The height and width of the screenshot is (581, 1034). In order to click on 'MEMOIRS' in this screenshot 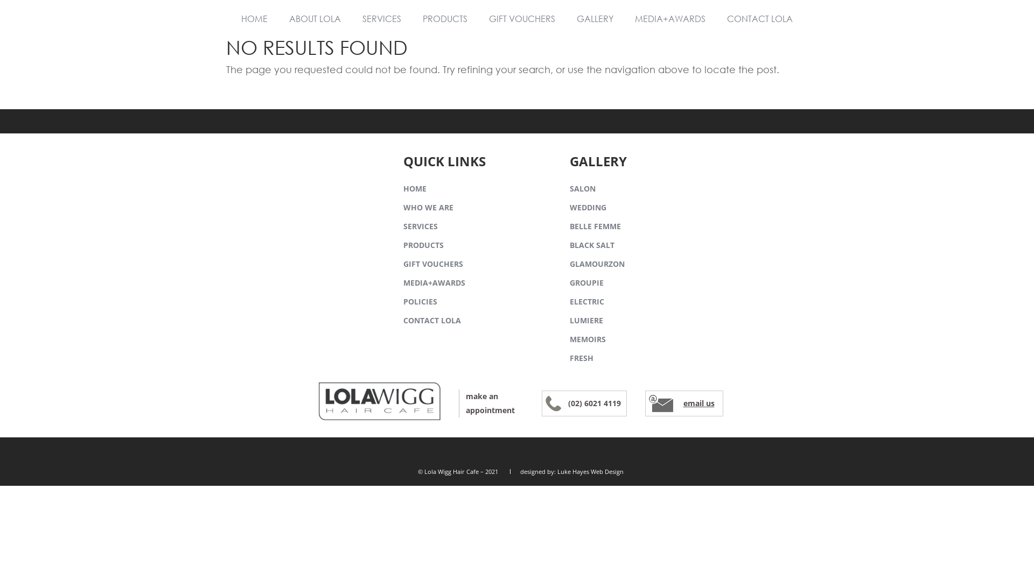, I will do `click(587, 340)`.